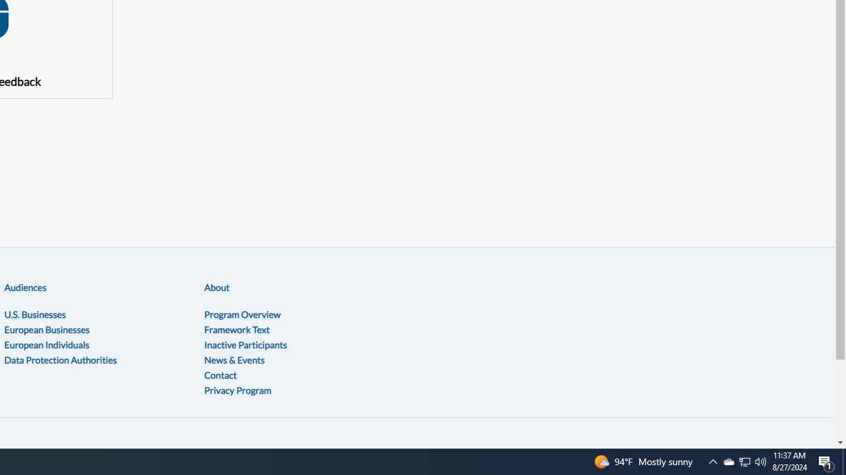 This screenshot has height=475, width=846. Describe the element at coordinates (47, 329) in the screenshot. I see `'European Businesses'` at that location.